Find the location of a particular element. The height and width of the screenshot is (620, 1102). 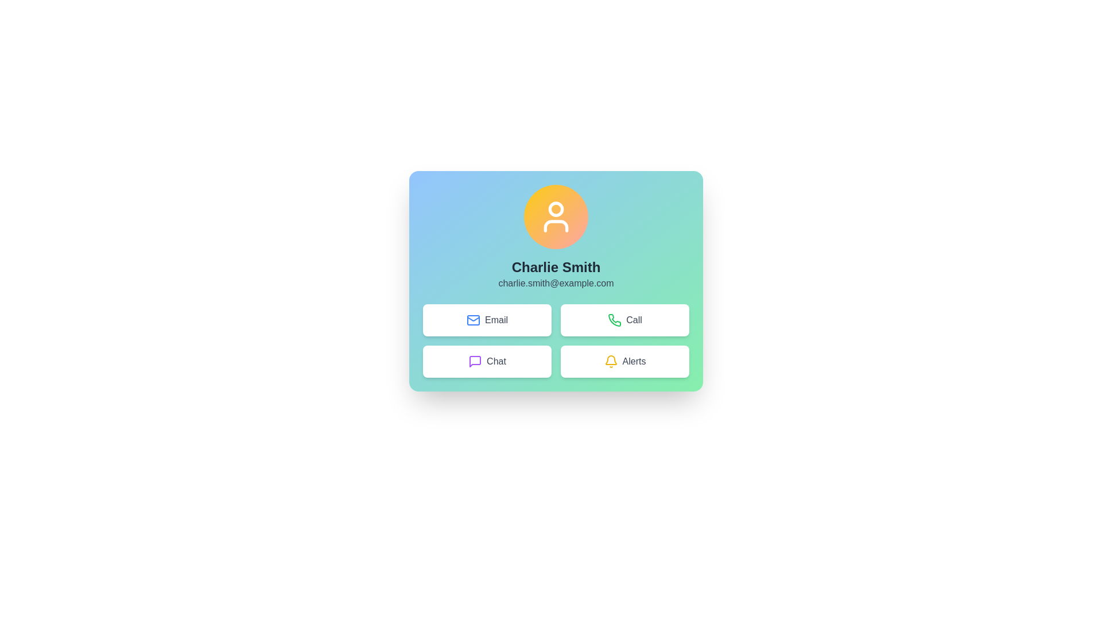

the circular Icon Button with a gradient background transitioning from yellow to red, which features a white user icon inside is located at coordinates (556, 217).